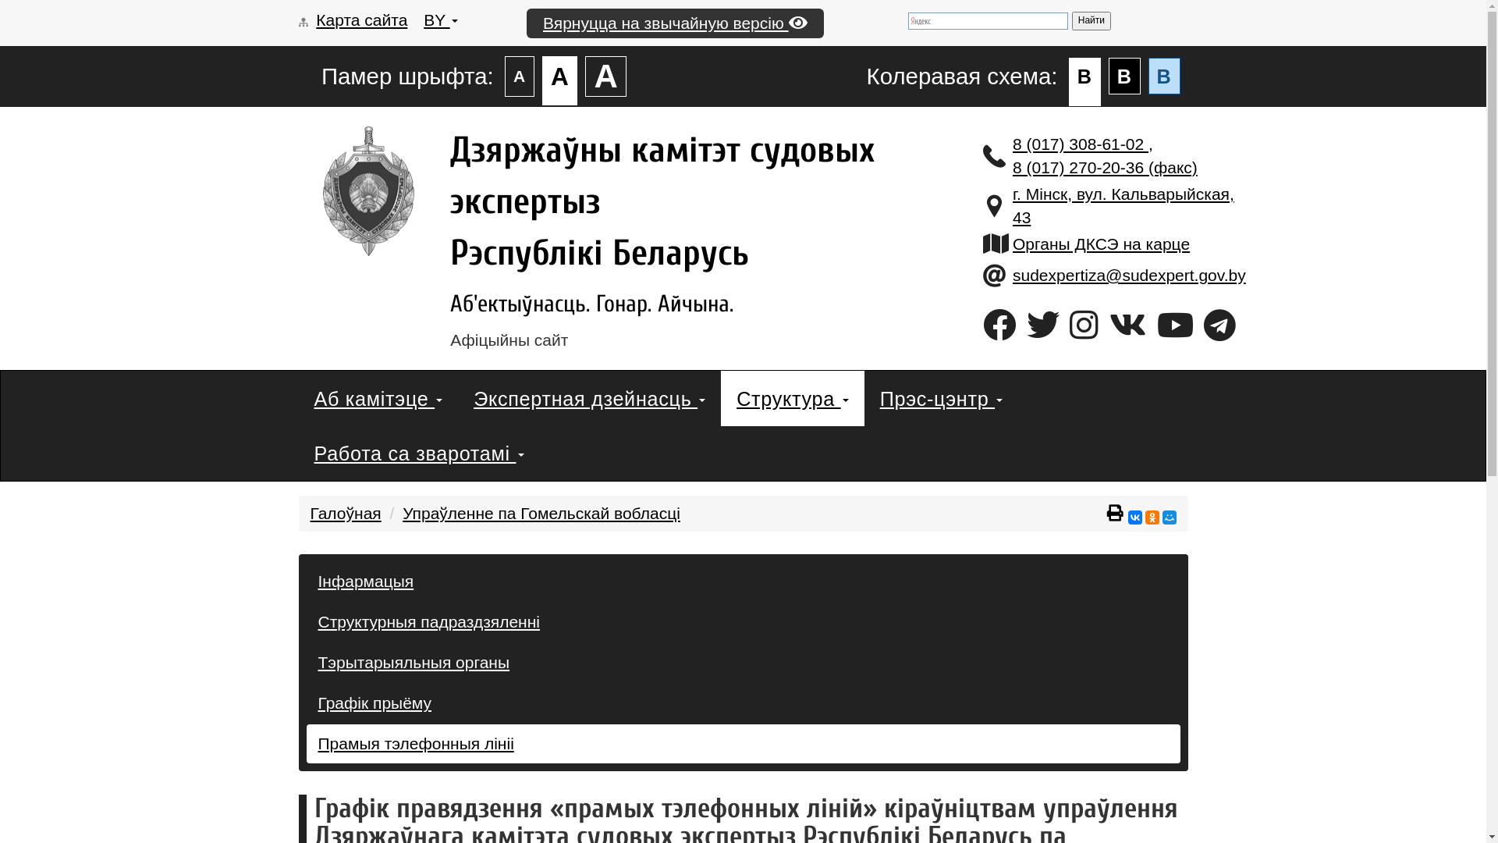 The height and width of the screenshot is (843, 1498). Describe the element at coordinates (439, 20) in the screenshot. I see `'BY'` at that location.